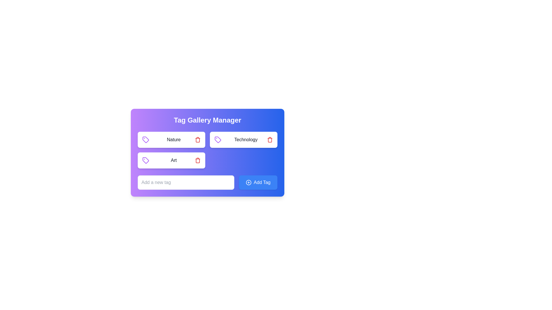  I want to click on the decorative icon representing the 'Art' tag category, which is the first element in the horizontal layout of tag items, so click(146, 160).